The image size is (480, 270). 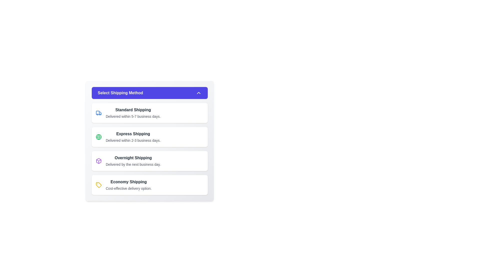 What do you see at coordinates (149, 161) in the screenshot?
I see `the 'Overnight Shipping' selectable card, which is the third card in the vertical list of shipping options` at bounding box center [149, 161].